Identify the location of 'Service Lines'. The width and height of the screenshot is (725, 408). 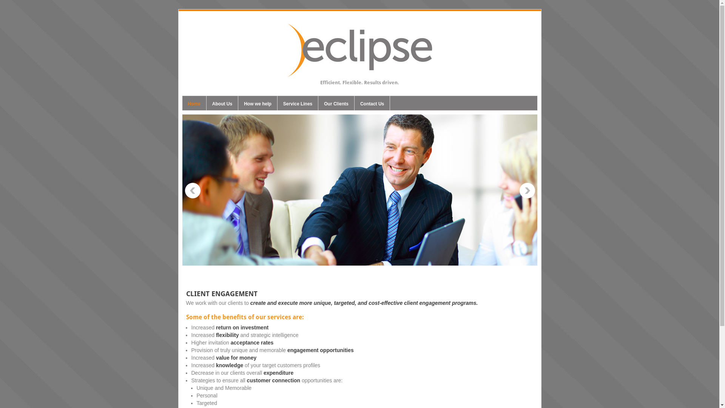
(297, 105).